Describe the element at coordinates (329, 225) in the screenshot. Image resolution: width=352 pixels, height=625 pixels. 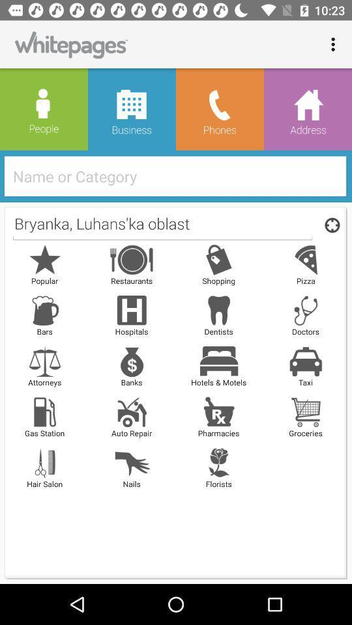
I see `the location_crosshair icon` at that location.